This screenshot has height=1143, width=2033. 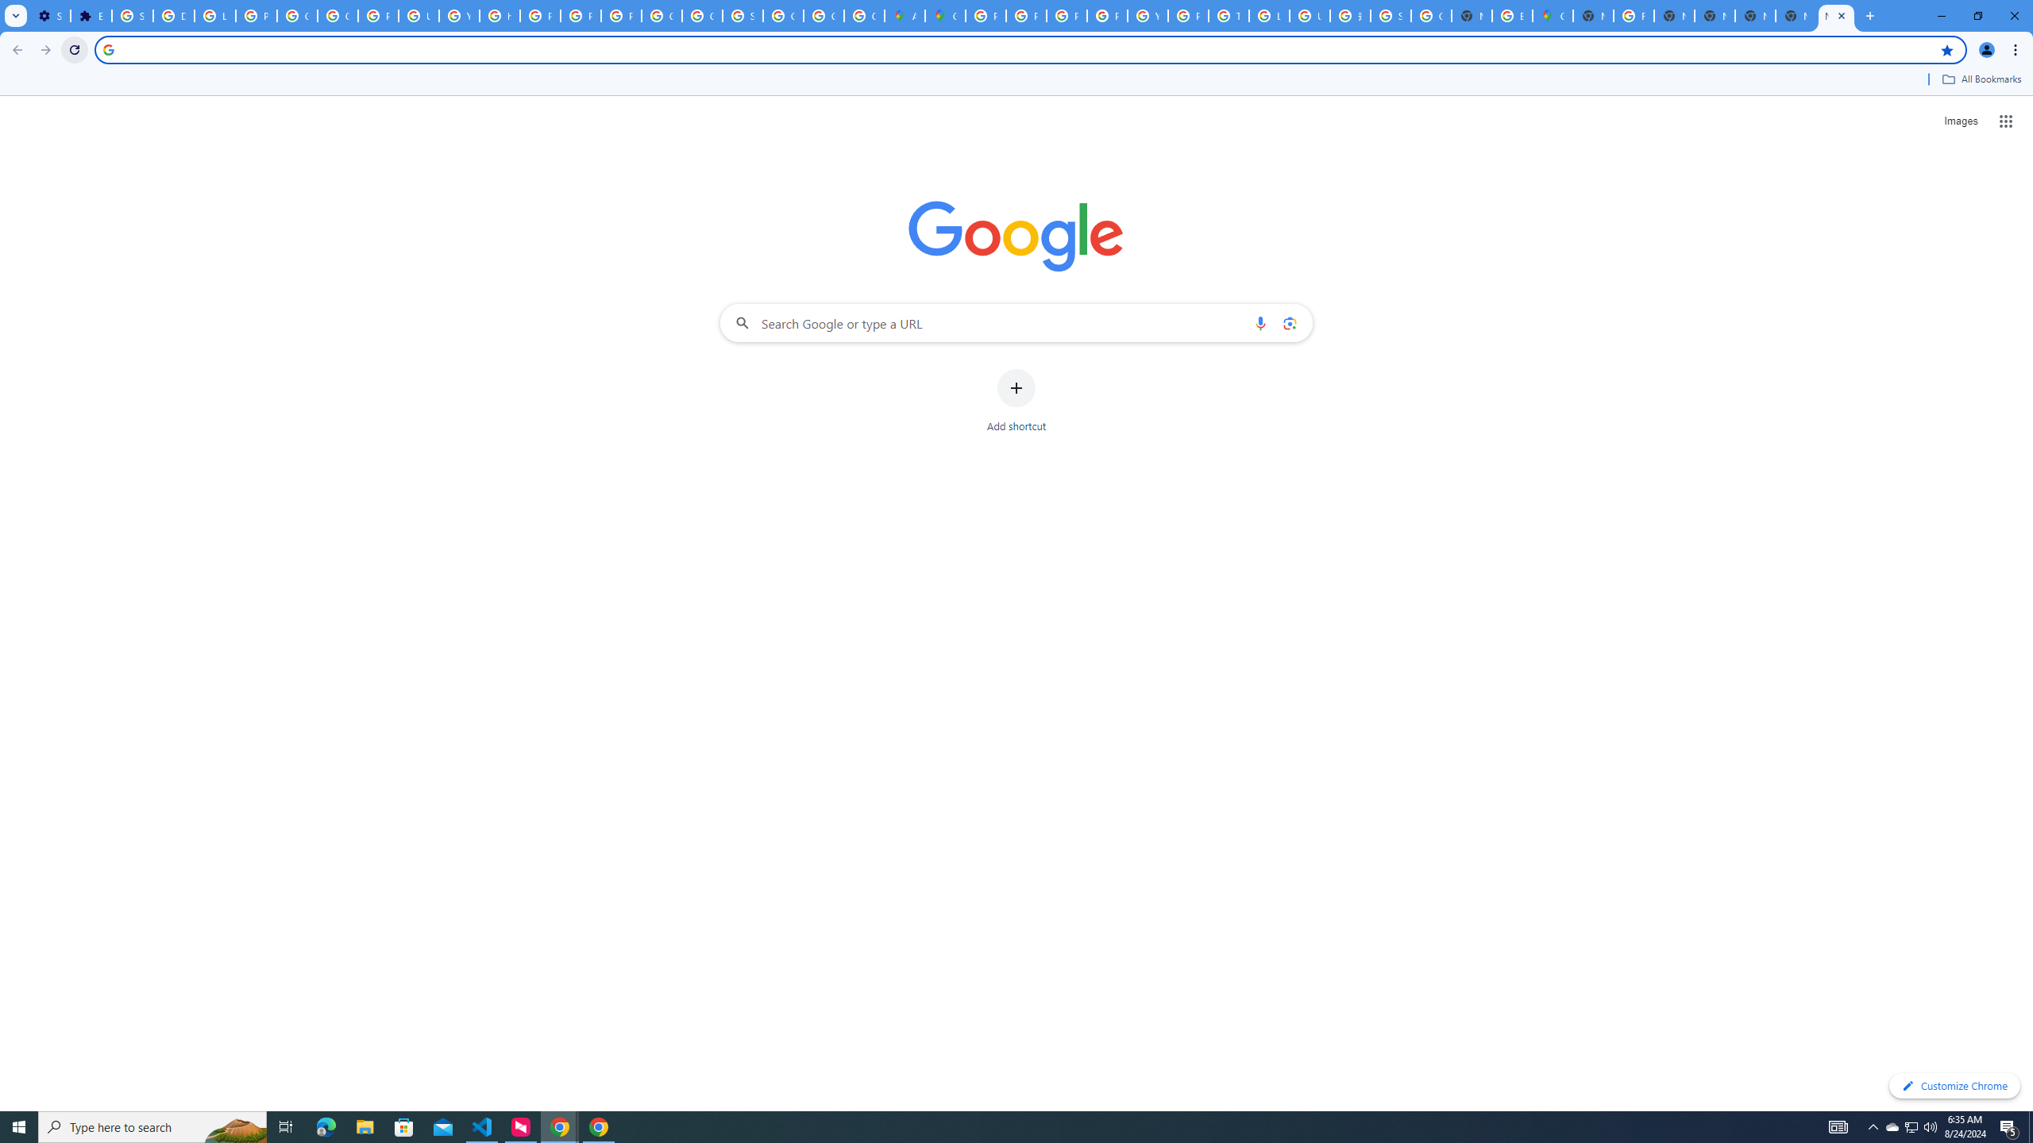 What do you see at coordinates (1228, 15) in the screenshot?
I see `'Tips & tricks for Chrome - Google Chrome Help'` at bounding box center [1228, 15].